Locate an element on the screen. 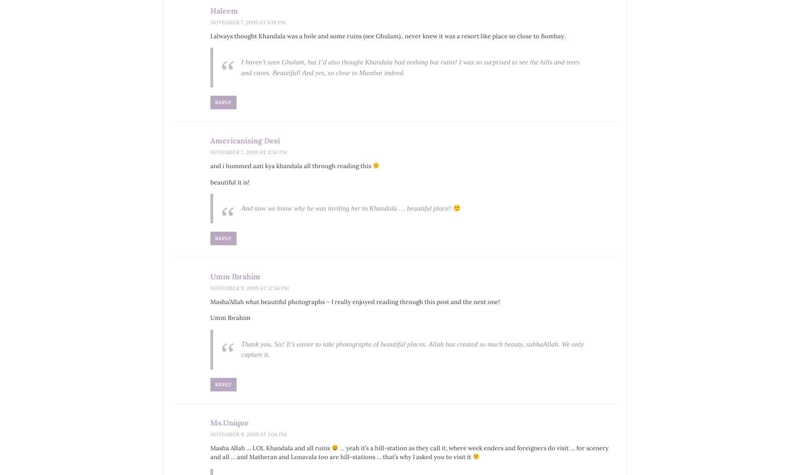 This screenshot has width=791, height=475. 'November 9, 2009 at 12:34 pm' is located at coordinates (249, 287).